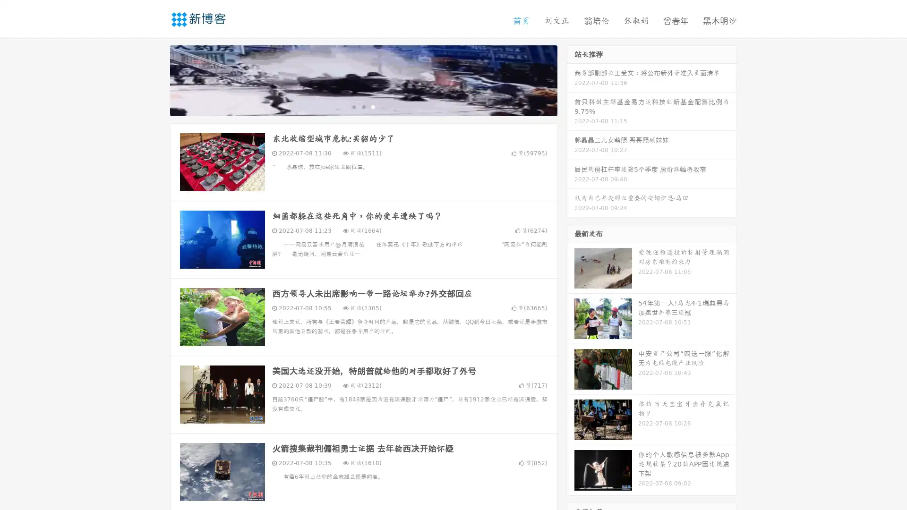 Image resolution: width=907 pixels, height=510 pixels. I want to click on Go to slide 2, so click(363, 106).